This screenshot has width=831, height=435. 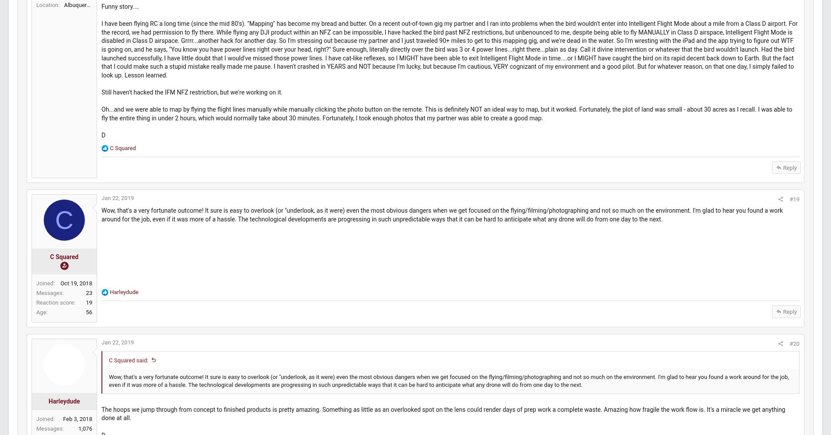 What do you see at coordinates (213, 137) in the screenshot?
I see `'Still haven't hacked the IFM NFZ restriction, but we're working on it.'` at bounding box center [213, 137].